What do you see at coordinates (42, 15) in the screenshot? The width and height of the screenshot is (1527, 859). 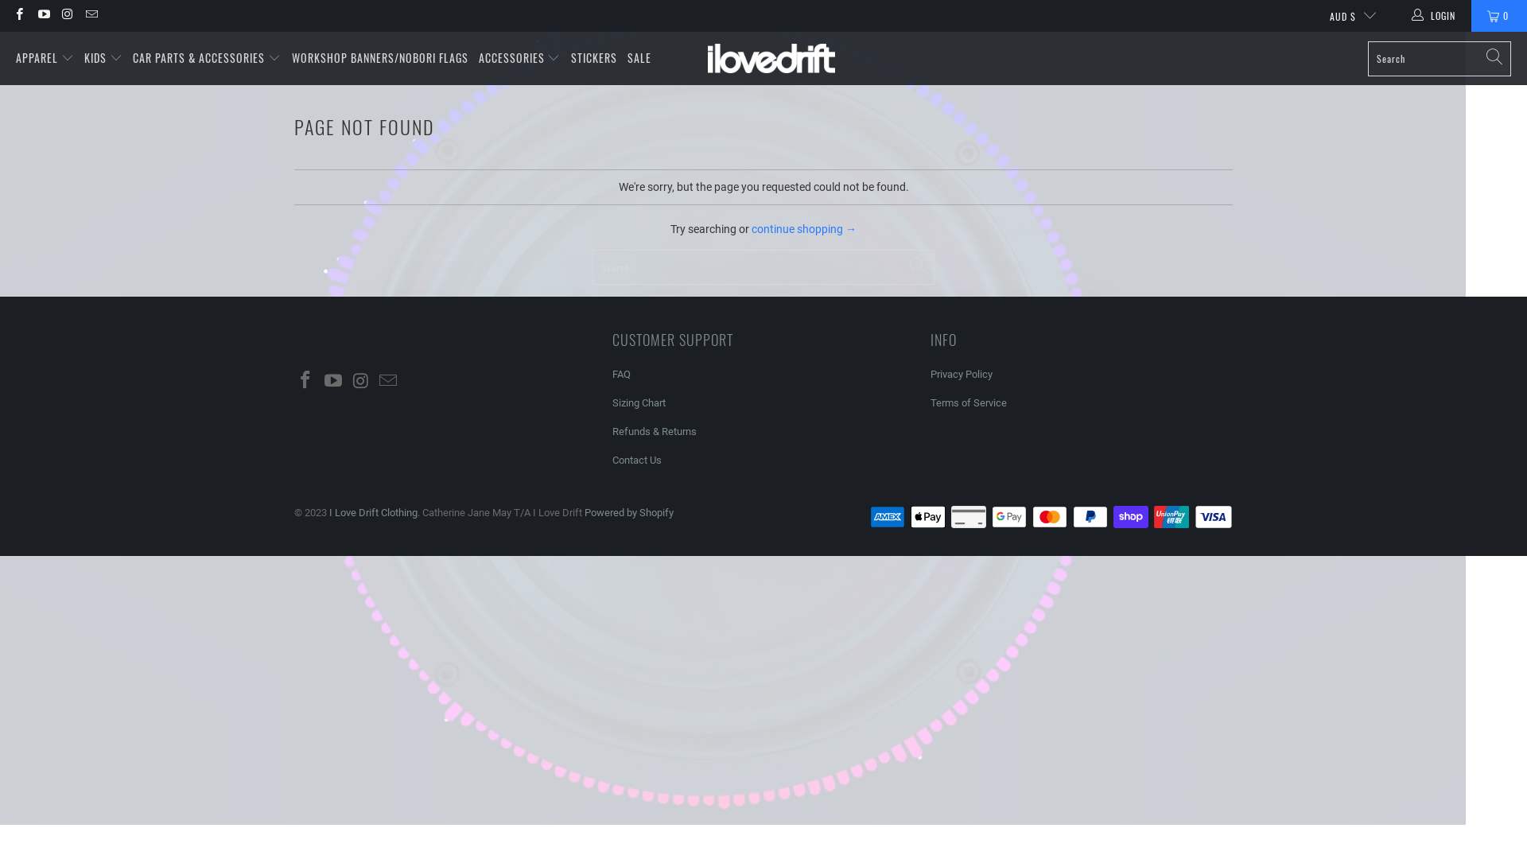 I see `'I Love Drift Clothing on YouTube'` at bounding box center [42, 15].